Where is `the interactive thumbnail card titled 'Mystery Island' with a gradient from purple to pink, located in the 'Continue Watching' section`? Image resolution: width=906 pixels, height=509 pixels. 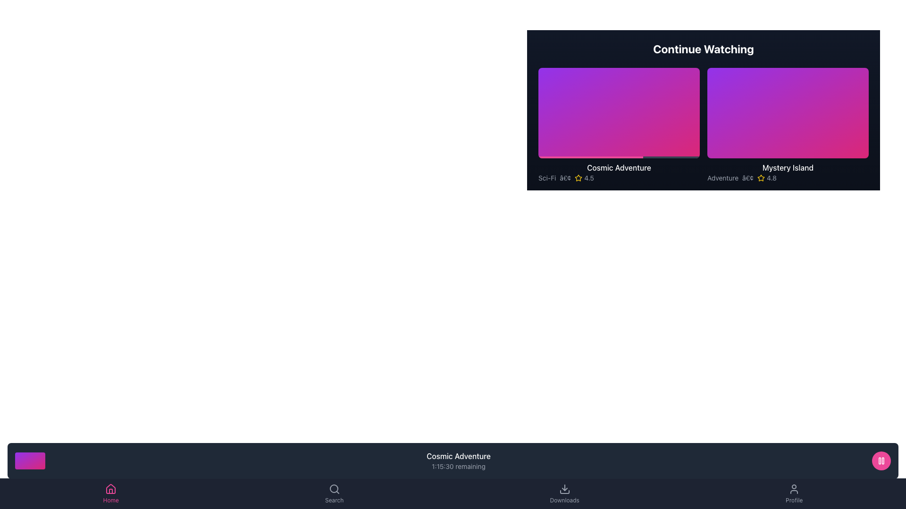
the interactive thumbnail card titled 'Mystery Island' with a gradient from purple to pink, located in the 'Continue Watching' section is located at coordinates (788, 112).